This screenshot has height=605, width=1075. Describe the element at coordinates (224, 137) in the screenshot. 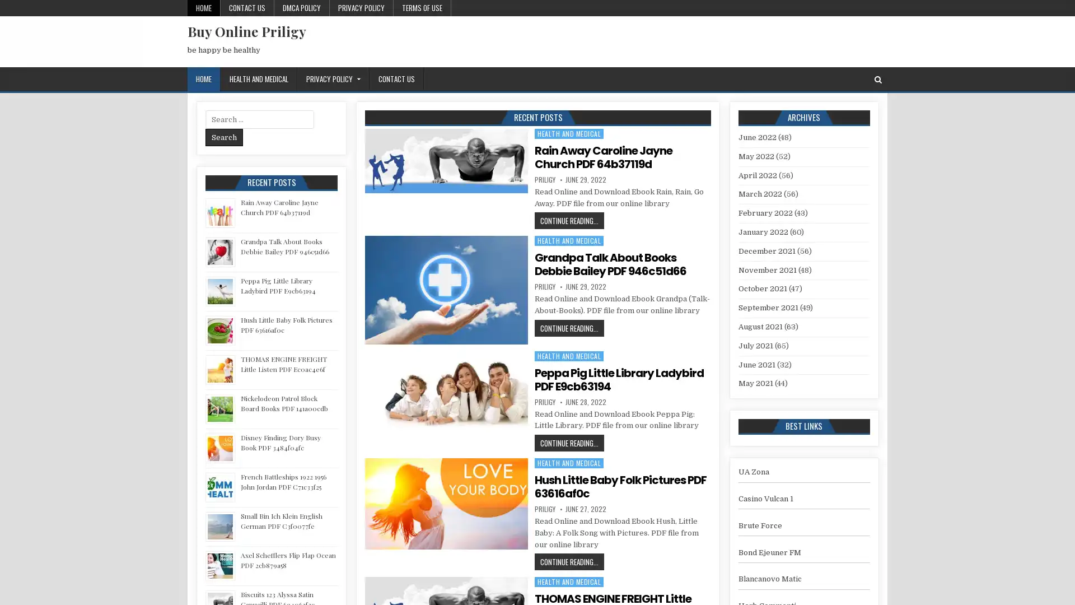

I see `Search` at that location.